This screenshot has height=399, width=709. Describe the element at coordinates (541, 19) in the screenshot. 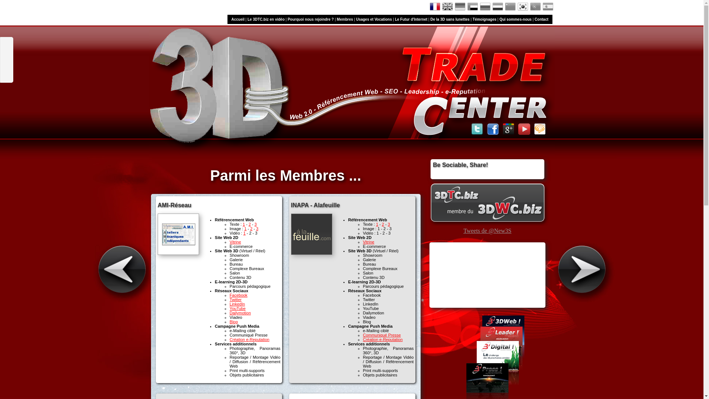

I see `'Contact'` at that location.